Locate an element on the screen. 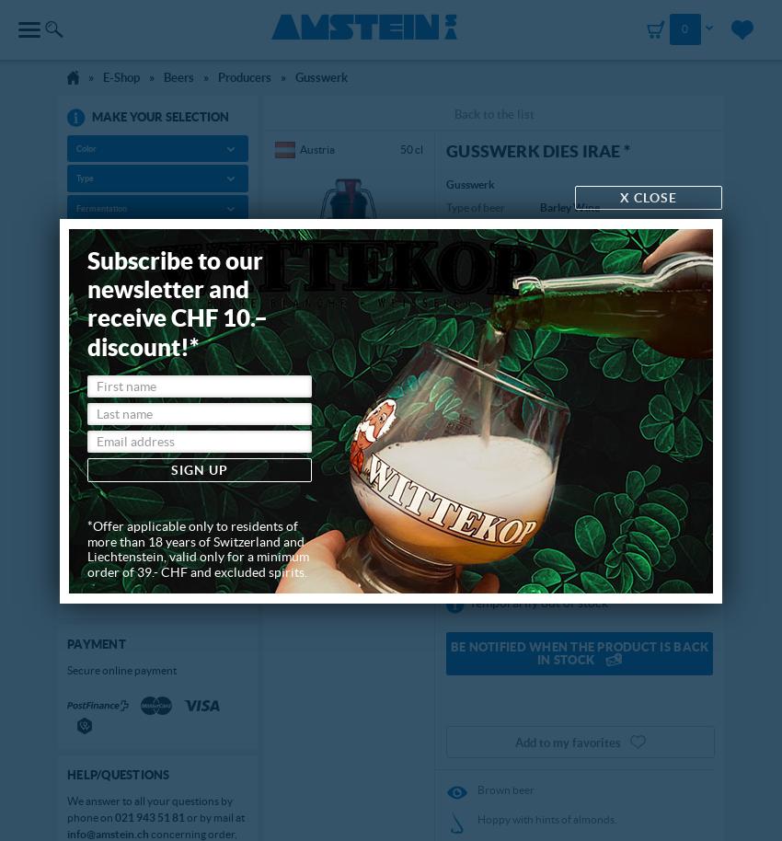 The image size is (782, 841). 'Hoppy with hints of almonds.' is located at coordinates (547, 817).